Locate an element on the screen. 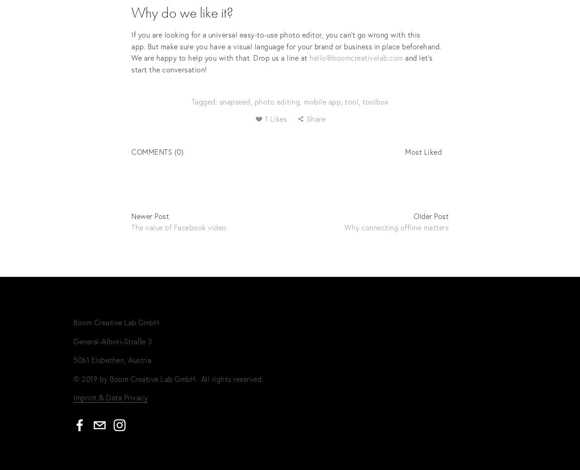 This screenshot has width=580, height=470. 'mobile app' is located at coordinates (322, 101).